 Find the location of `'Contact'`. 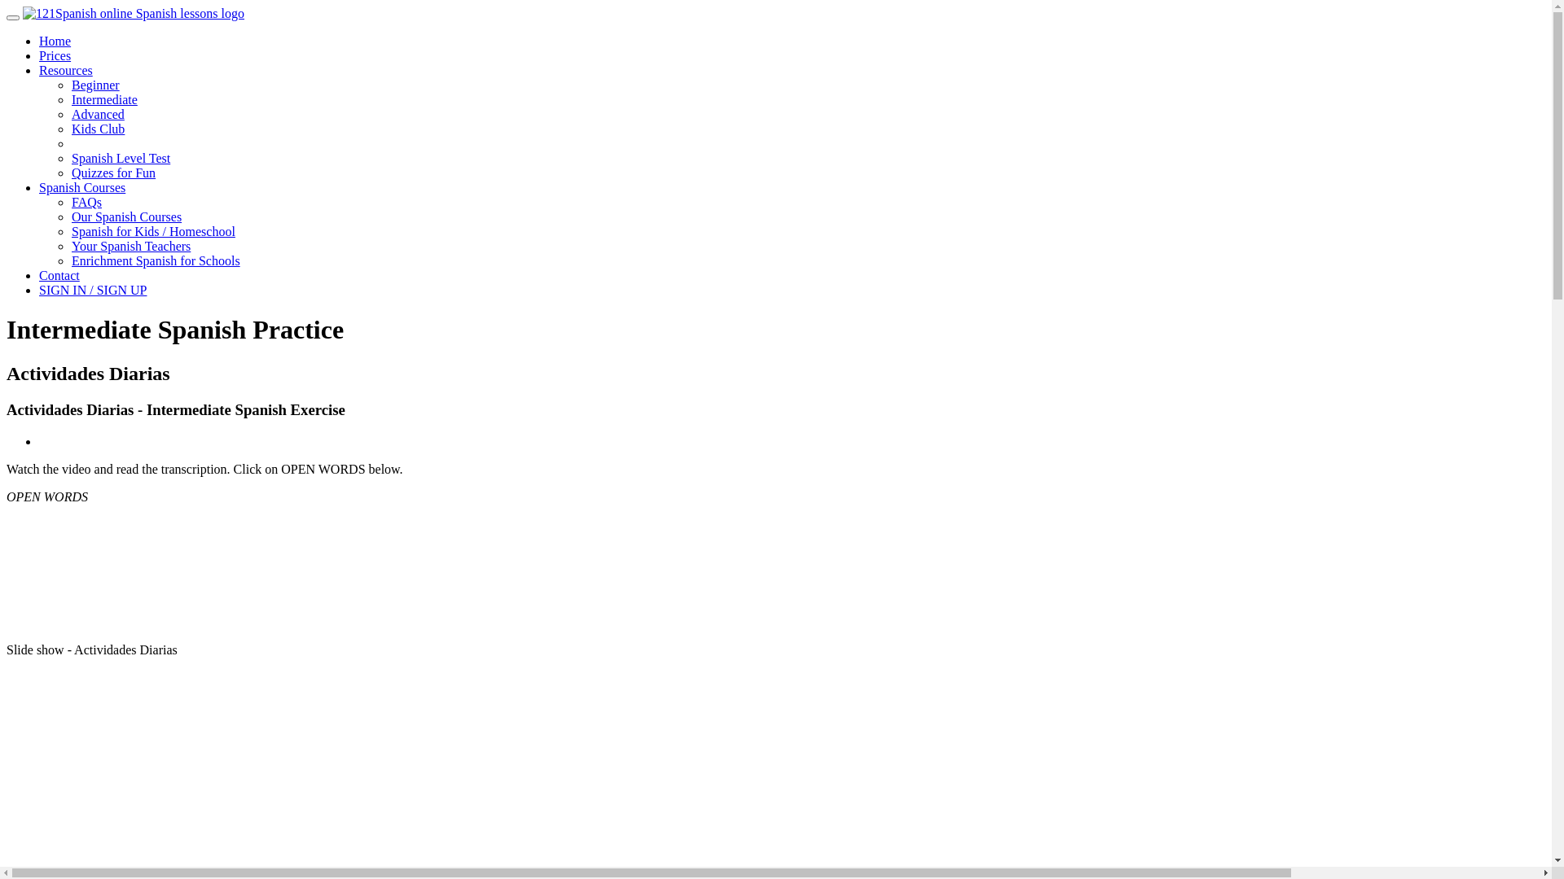

'Contact' is located at coordinates (59, 274).